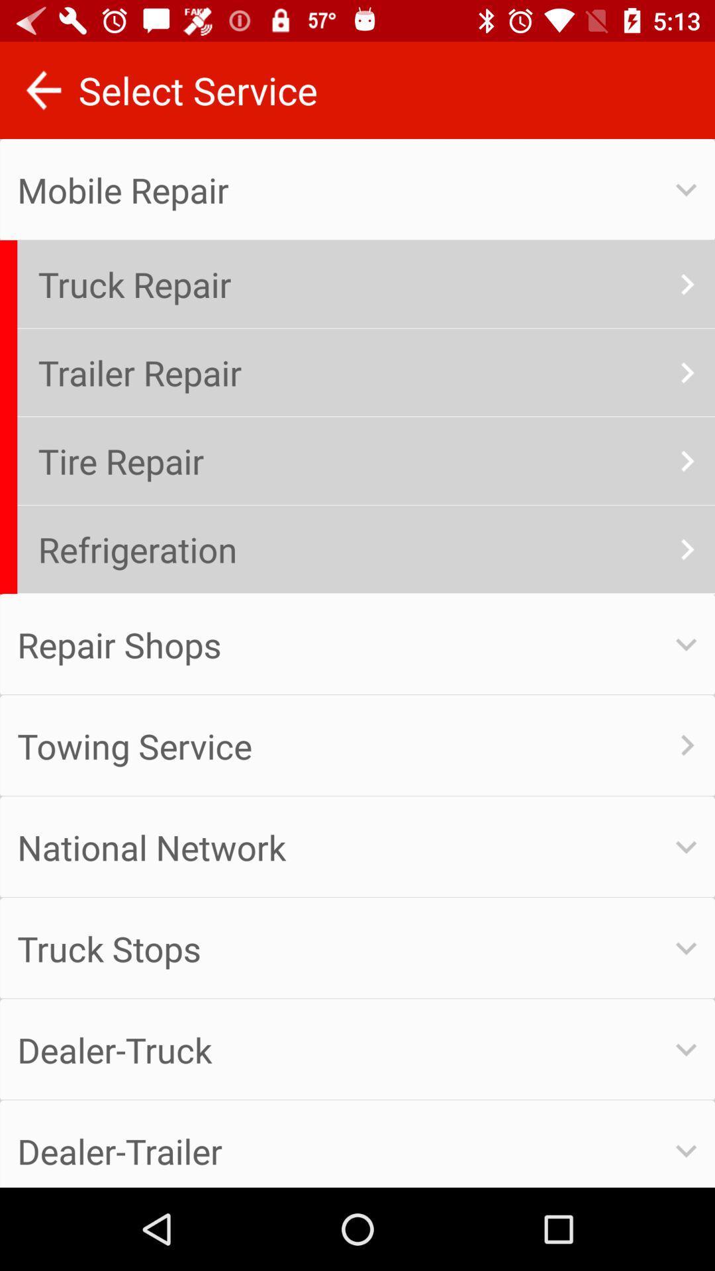 The width and height of the screenshot is (715, 1271). Describe the element at coordinates (686, 746) in the screenshot. I see `the  symbol beside towing service option` at that location.